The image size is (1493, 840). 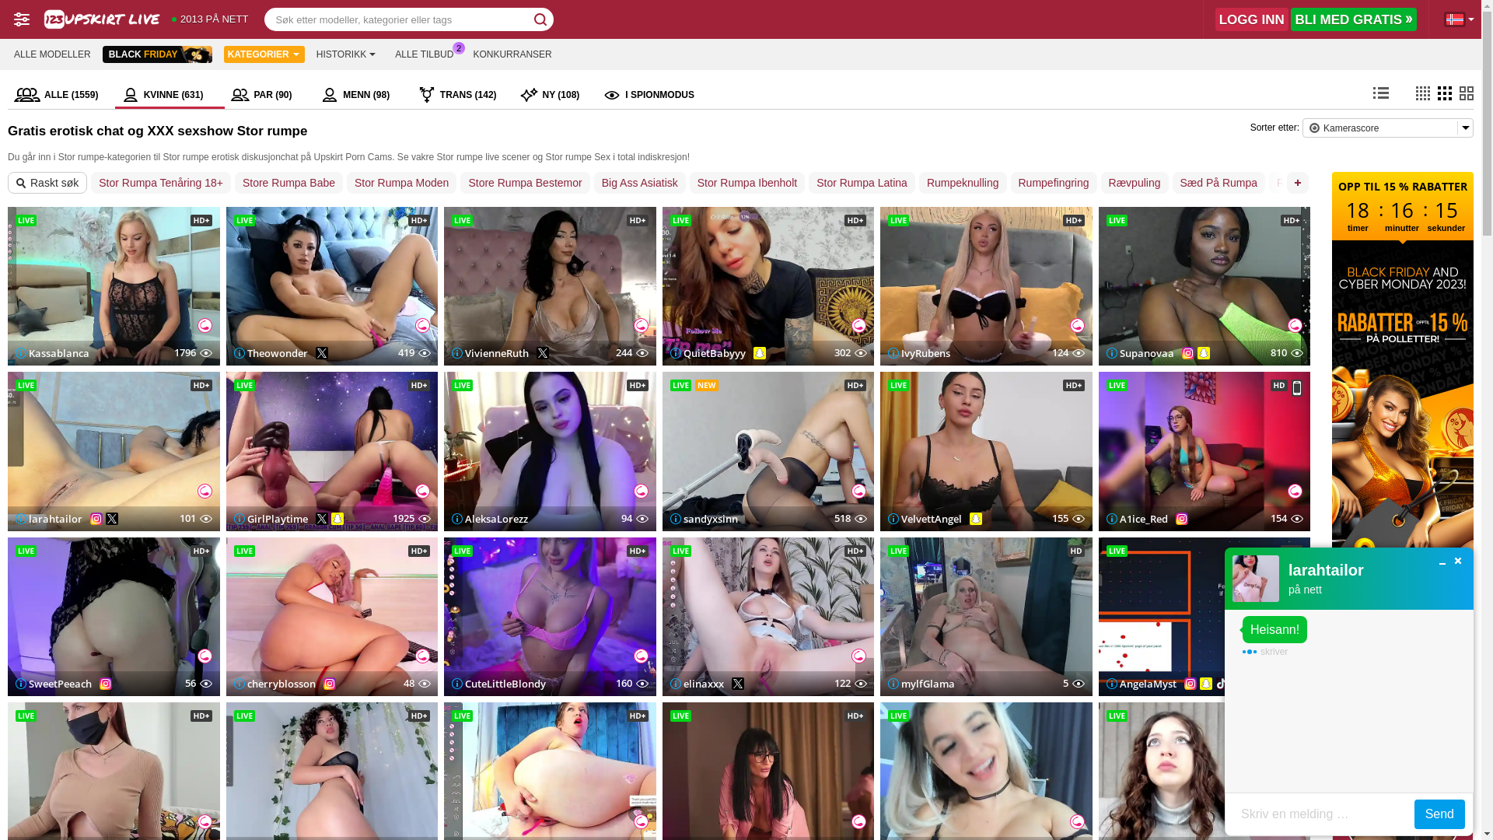 What do you see at coordinates (746, 182) in the screenshot?
I see `'Stor Rumpa Ibenholt'` at bounding box center [746, 182].